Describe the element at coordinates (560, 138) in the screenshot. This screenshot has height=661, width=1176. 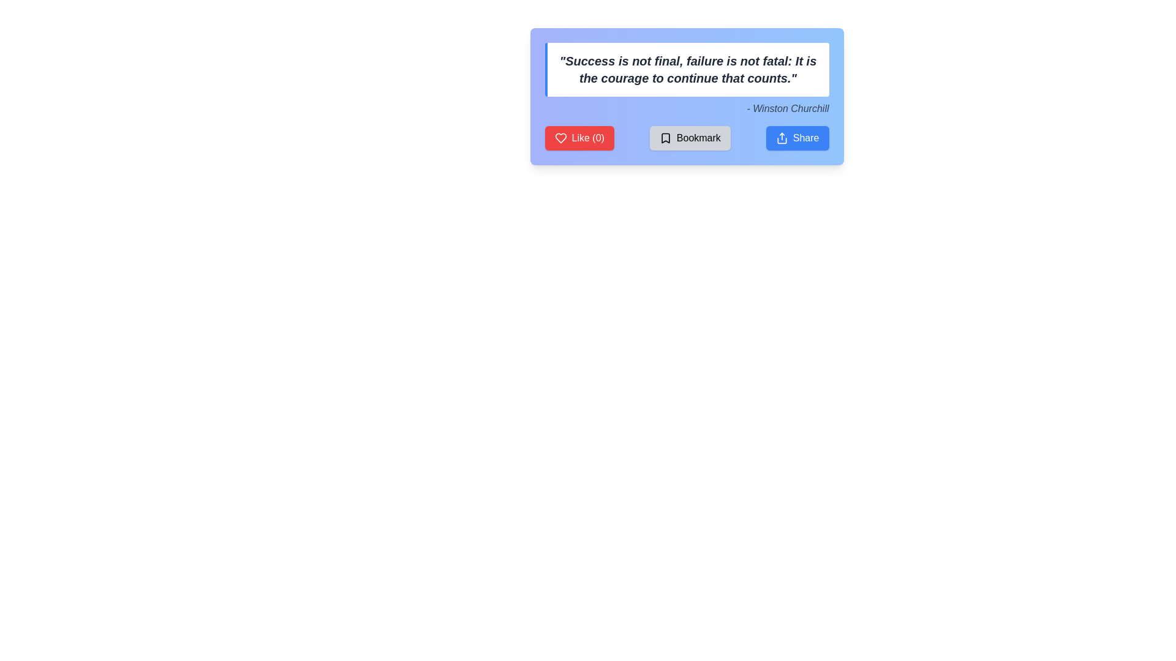
I see `the heart-shaped icon within the 'Like (0)' button` at that location.